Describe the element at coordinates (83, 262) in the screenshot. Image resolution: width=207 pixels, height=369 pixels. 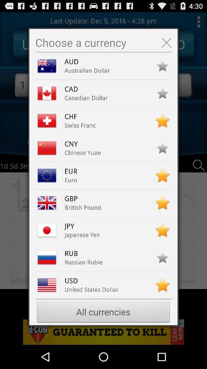
I see `app above usd app` at that location.